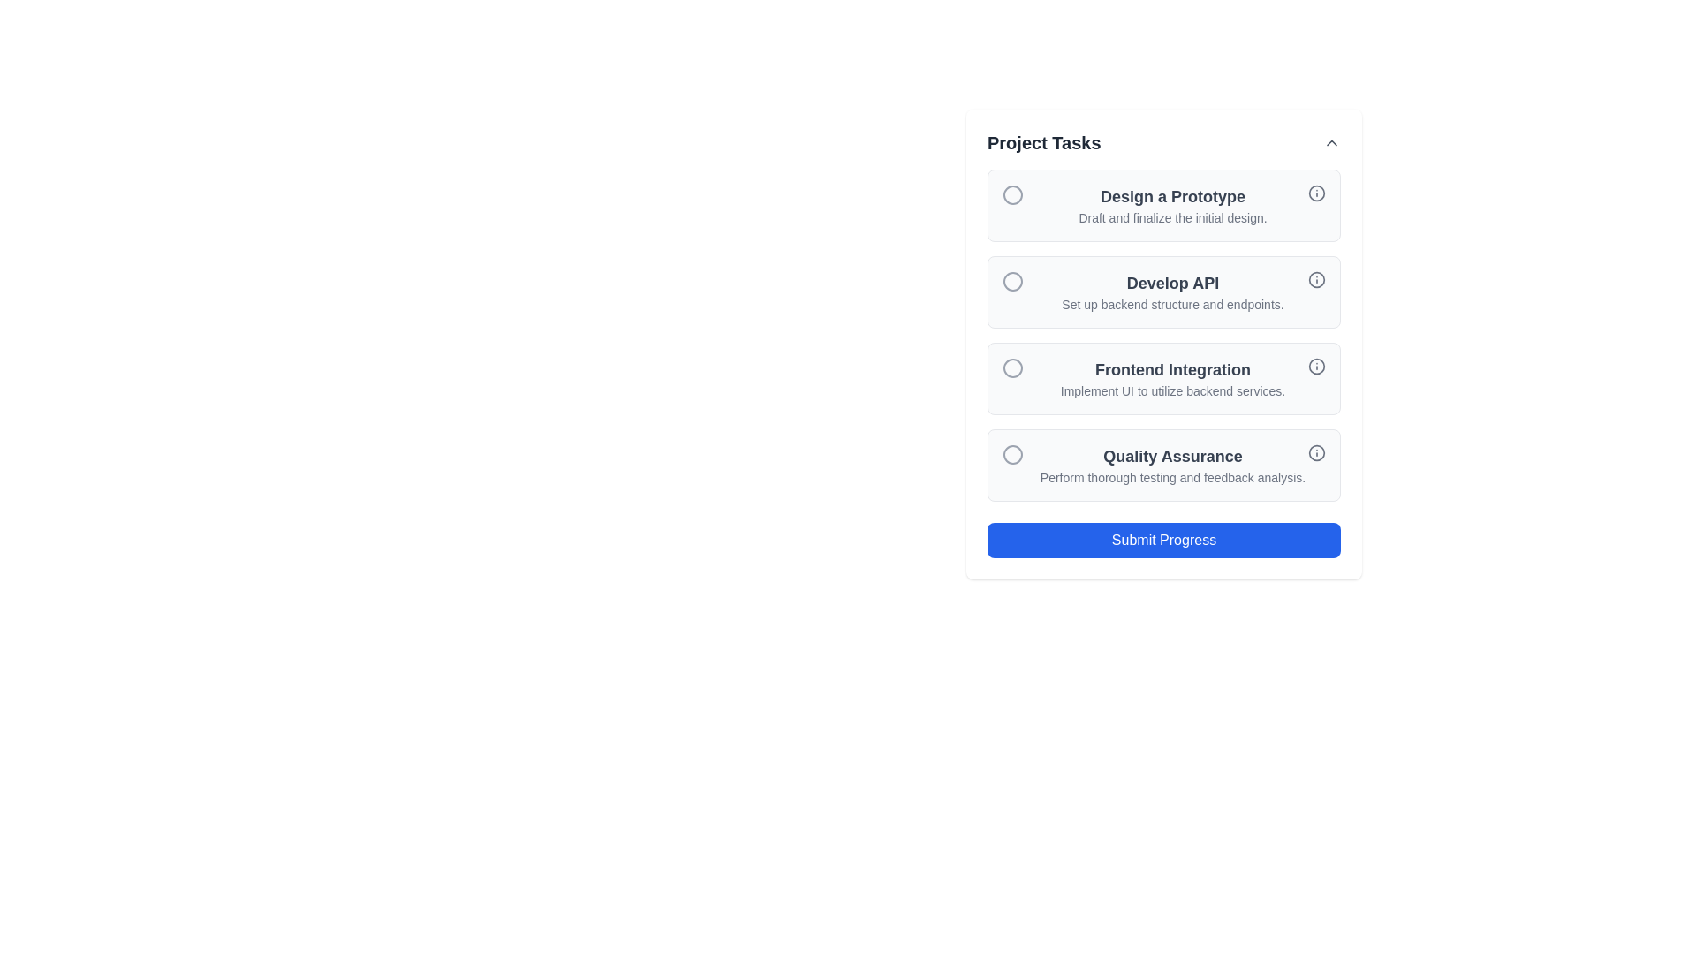  Describe the element at coordinates (1331, 142) in the screenshot. I see `the Chevron-style toggle icon located at the top-right corner of the 'Project Tasks' section` at that location.